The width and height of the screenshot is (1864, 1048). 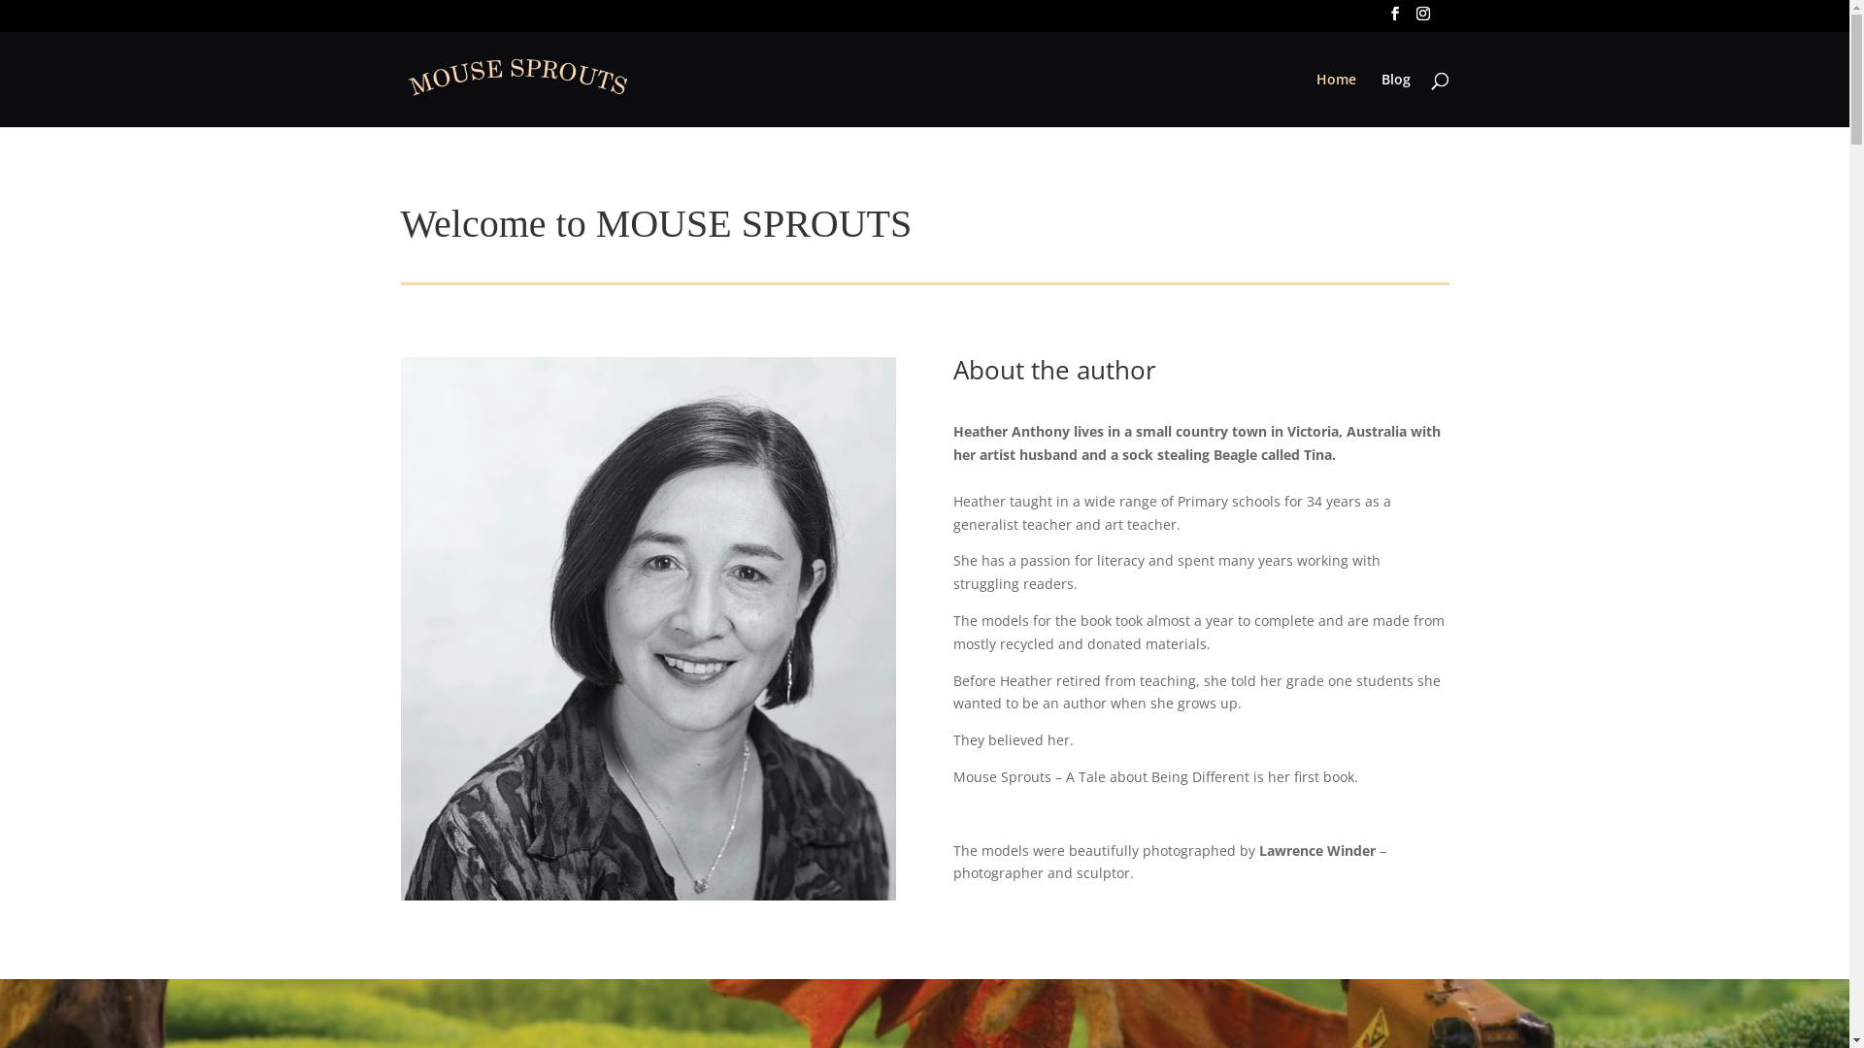 I want to click on 'Blog', so click(x=1393, y=98).